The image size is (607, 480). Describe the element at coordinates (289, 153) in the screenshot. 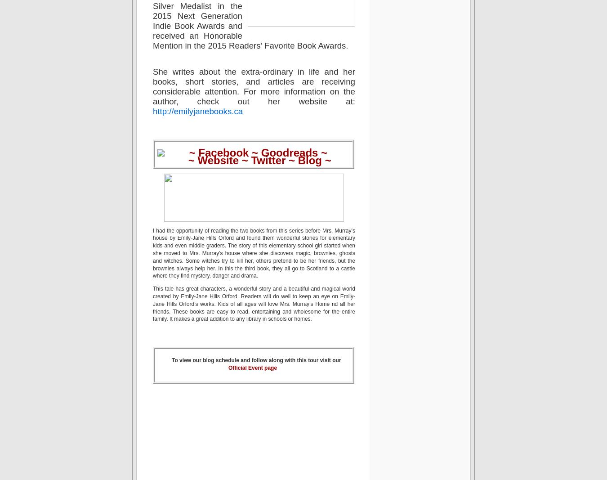

I see `'Goodreads'` at that location.